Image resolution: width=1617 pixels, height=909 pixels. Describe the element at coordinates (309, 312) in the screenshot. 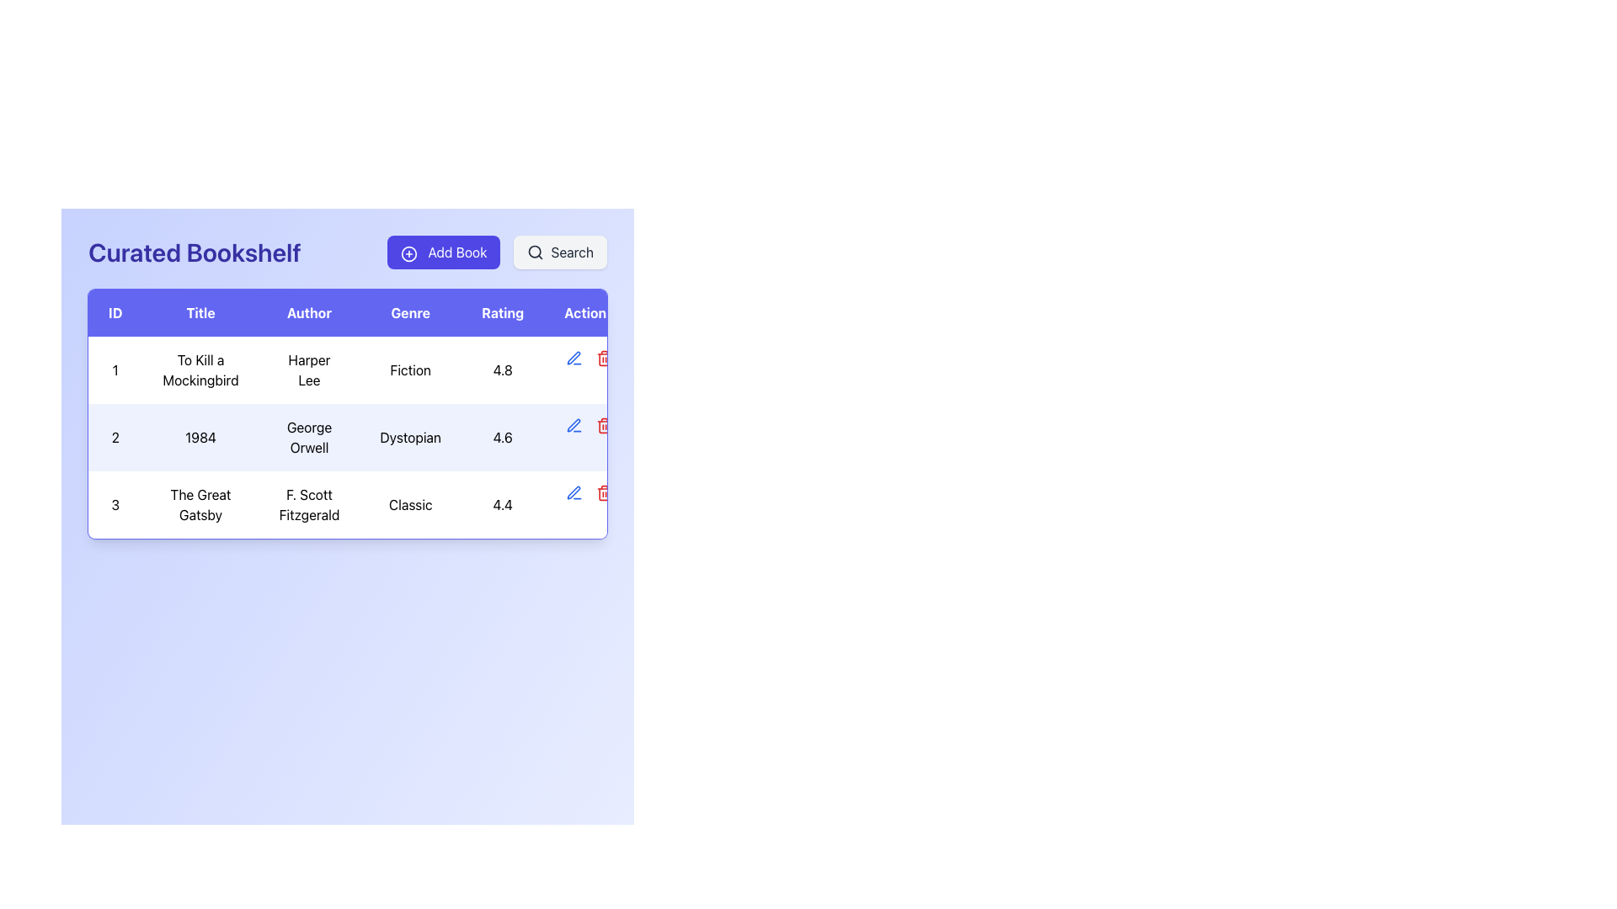

I see `the Table Header Cell labeled 'Author', which is the third column header in the table, displayed in white text on a blue background` at that location.